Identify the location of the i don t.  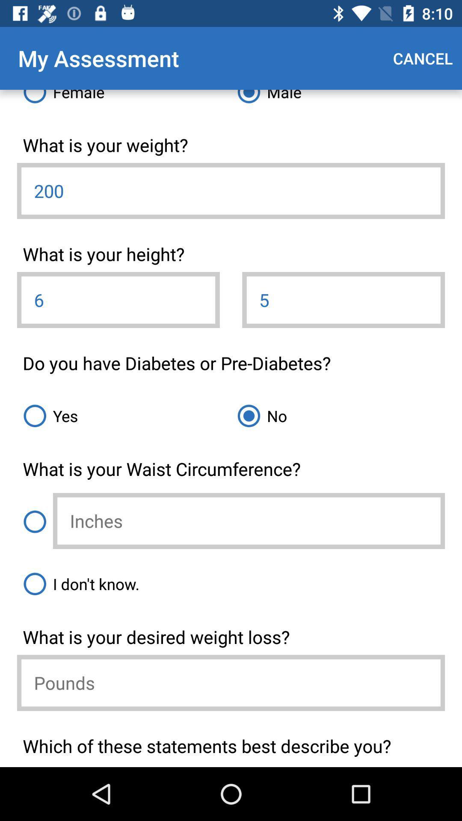
(231, 583).